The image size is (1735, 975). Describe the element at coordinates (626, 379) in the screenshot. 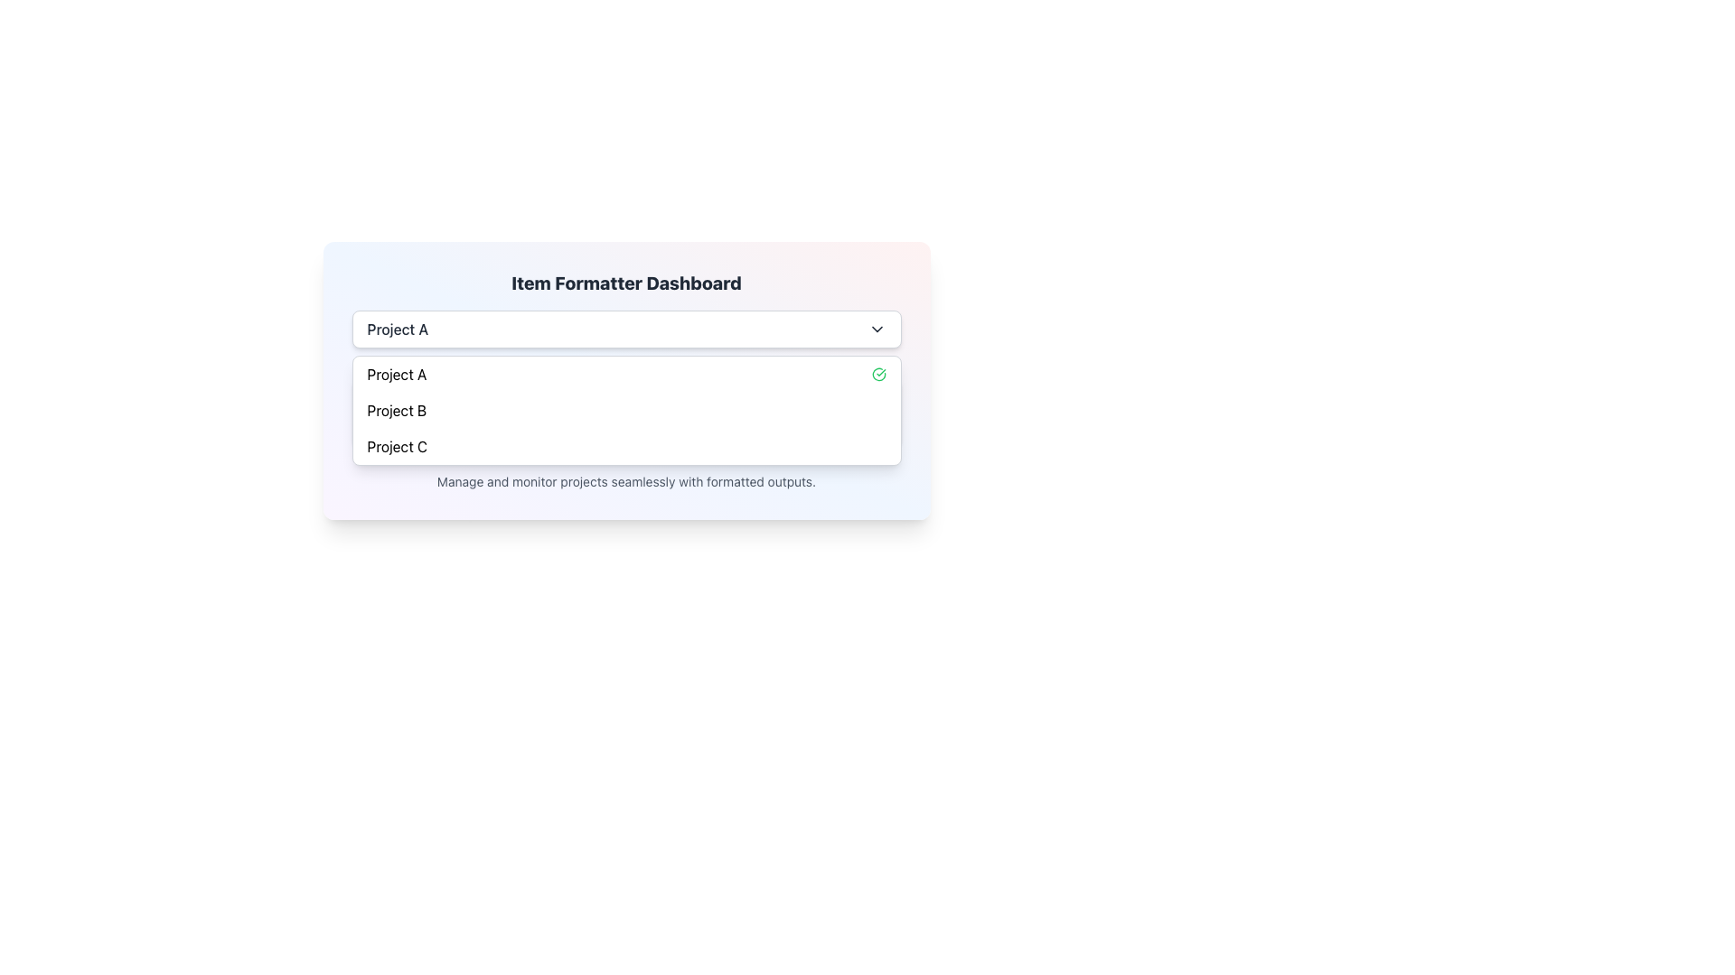

I see `the Dashboard card with dropdown and list, which is centrally located in the application interface` at that location.